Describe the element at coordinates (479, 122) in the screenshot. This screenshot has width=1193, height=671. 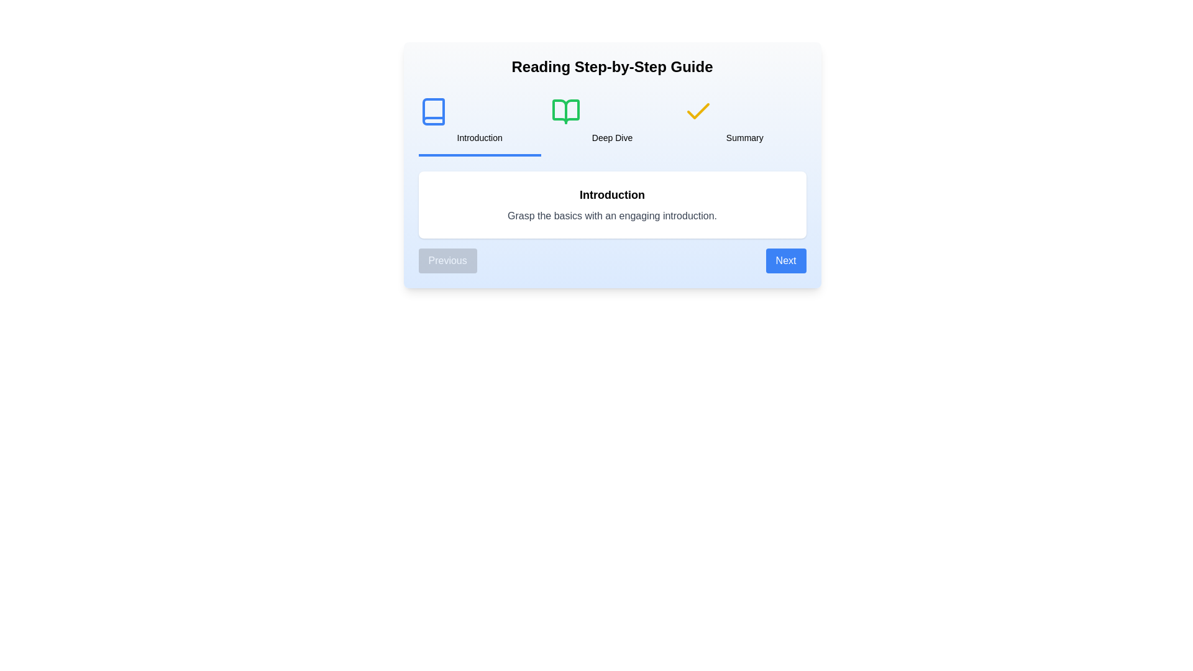
I see `the step title Introduction to switch to the corresponding step` at that location.